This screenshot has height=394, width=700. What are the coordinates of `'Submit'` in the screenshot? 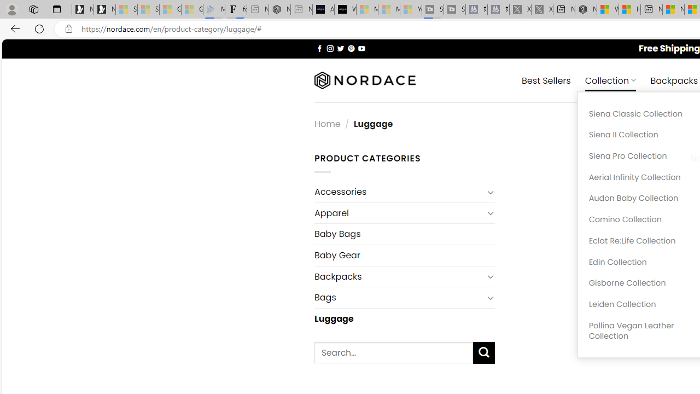 It's located at (483, 353).